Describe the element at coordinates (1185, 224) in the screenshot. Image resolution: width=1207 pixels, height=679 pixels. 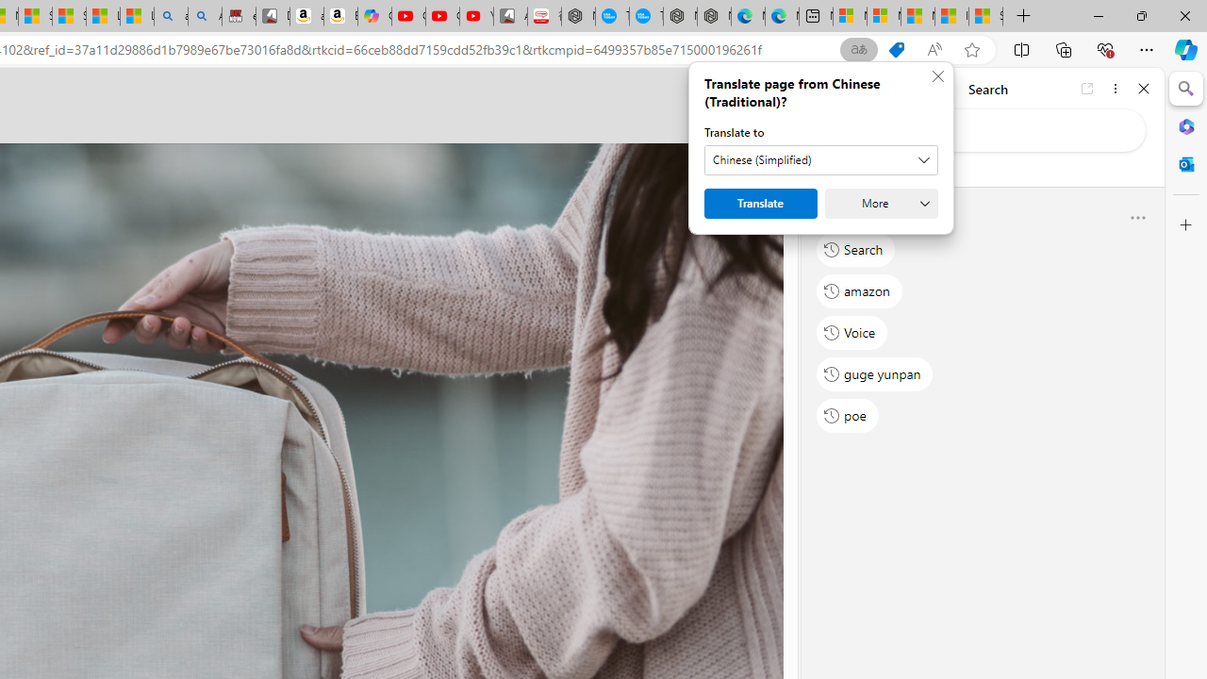
I see `'Customize'` at that location.